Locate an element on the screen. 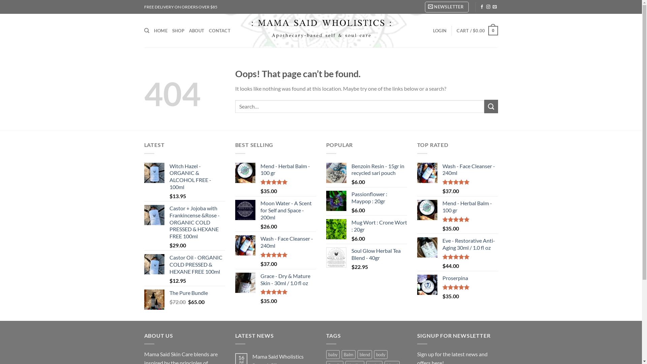  'Eve - Restorative Anti-Aging 30ml / 1.0 fl oz' is located at coordinates (442, 244).